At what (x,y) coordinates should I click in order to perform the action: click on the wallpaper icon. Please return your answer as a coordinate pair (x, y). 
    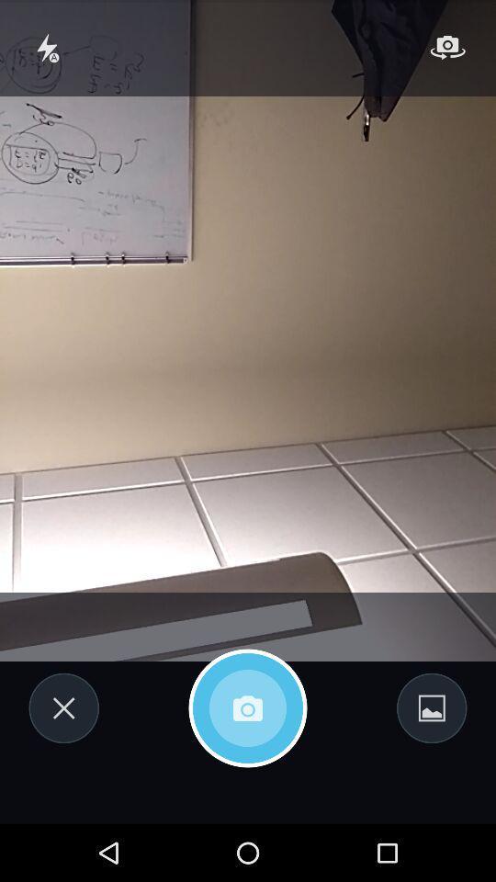
    Looking at the image, I should click on (432, 758).